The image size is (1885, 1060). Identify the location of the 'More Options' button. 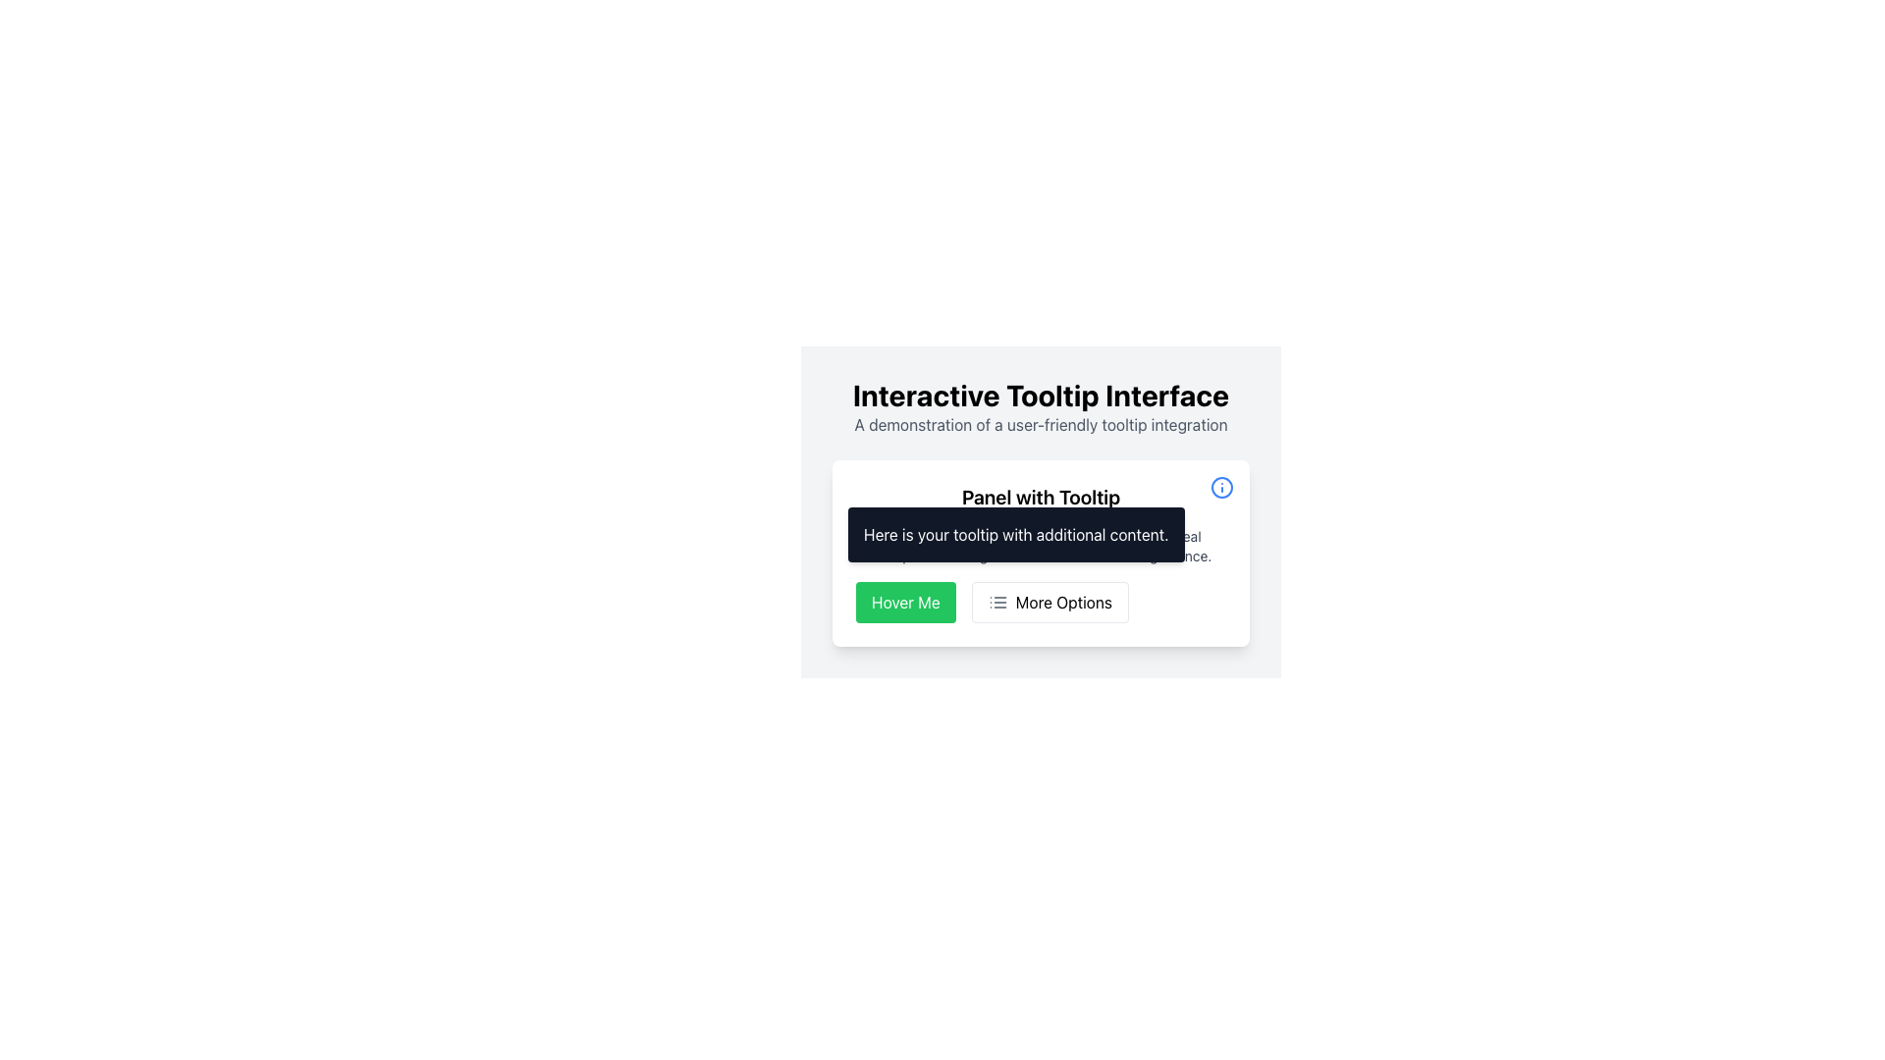
(1049, 601).